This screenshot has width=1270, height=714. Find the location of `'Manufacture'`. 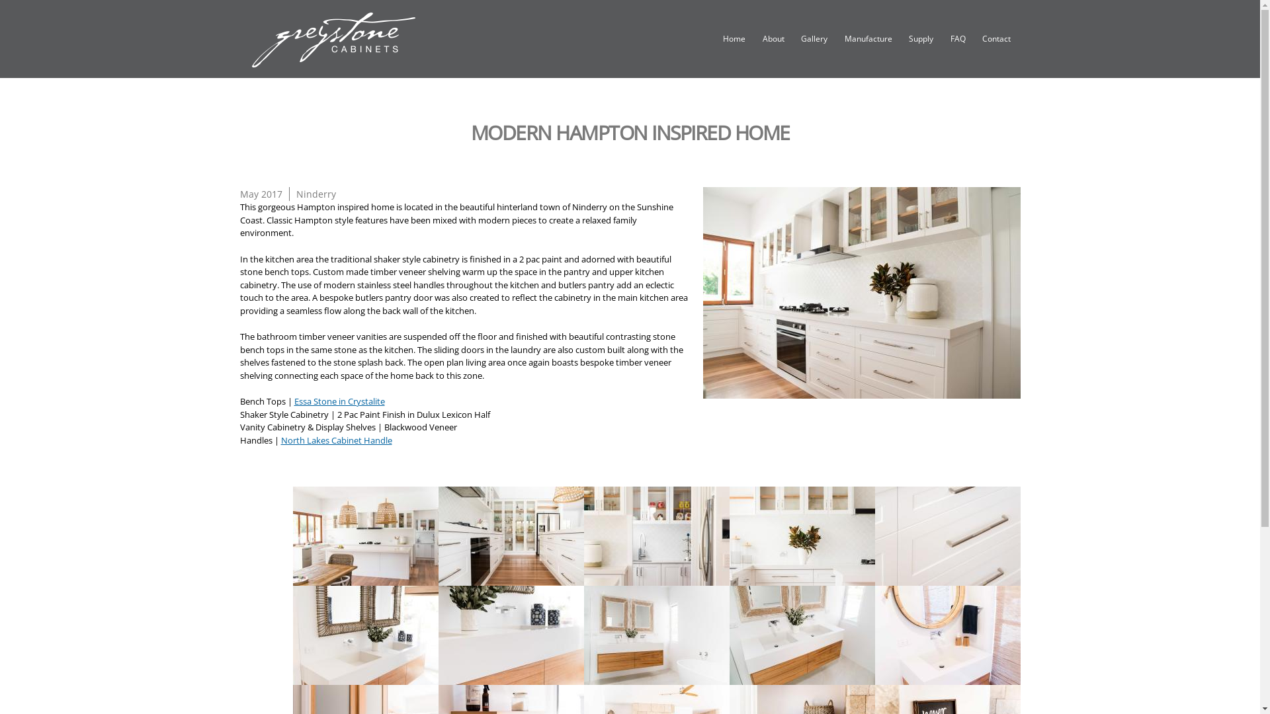

'Manufacture' is located at coordinates (868, 39).